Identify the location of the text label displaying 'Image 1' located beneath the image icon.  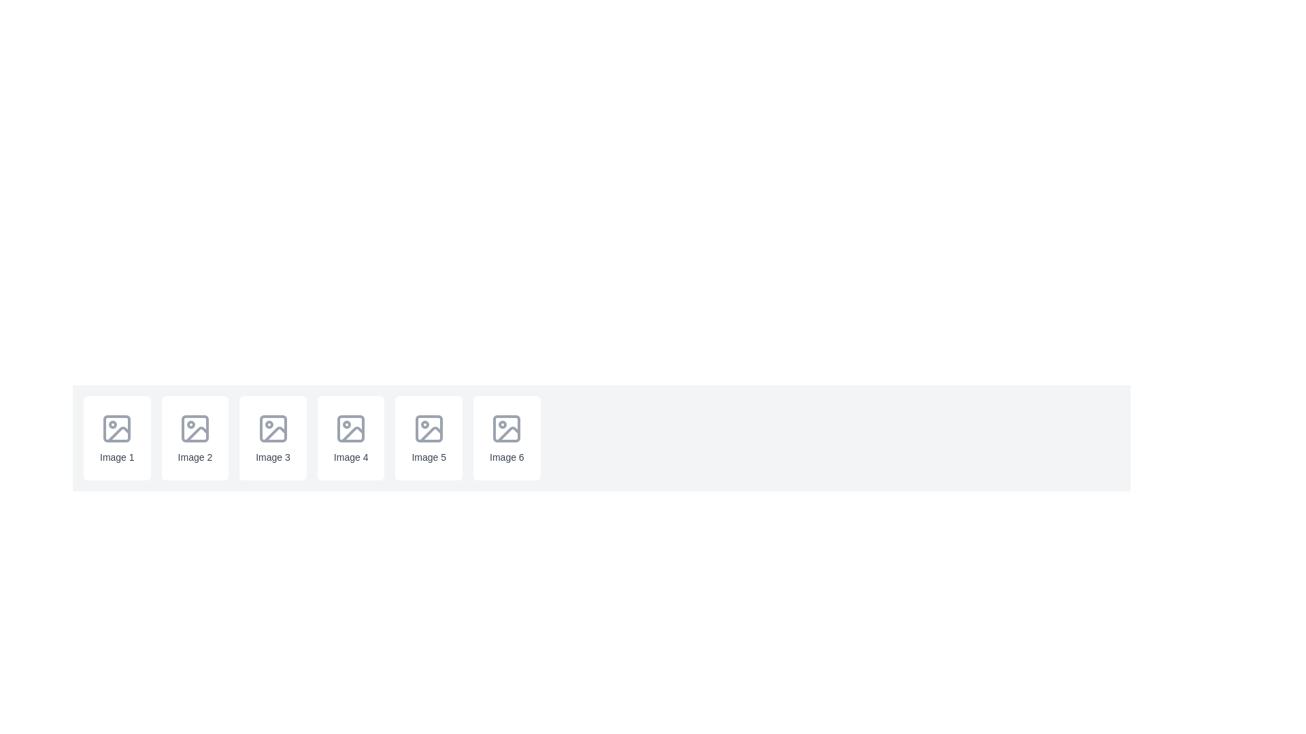
(117, 457).